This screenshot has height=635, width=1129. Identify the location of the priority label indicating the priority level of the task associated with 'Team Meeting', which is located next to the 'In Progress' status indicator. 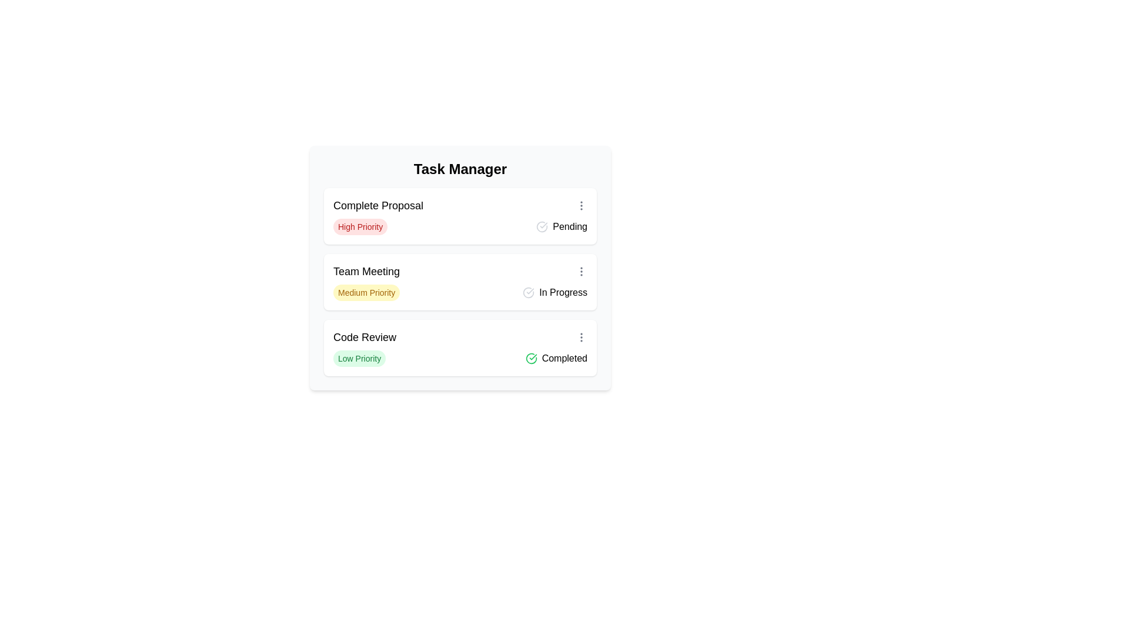
(366, 292).